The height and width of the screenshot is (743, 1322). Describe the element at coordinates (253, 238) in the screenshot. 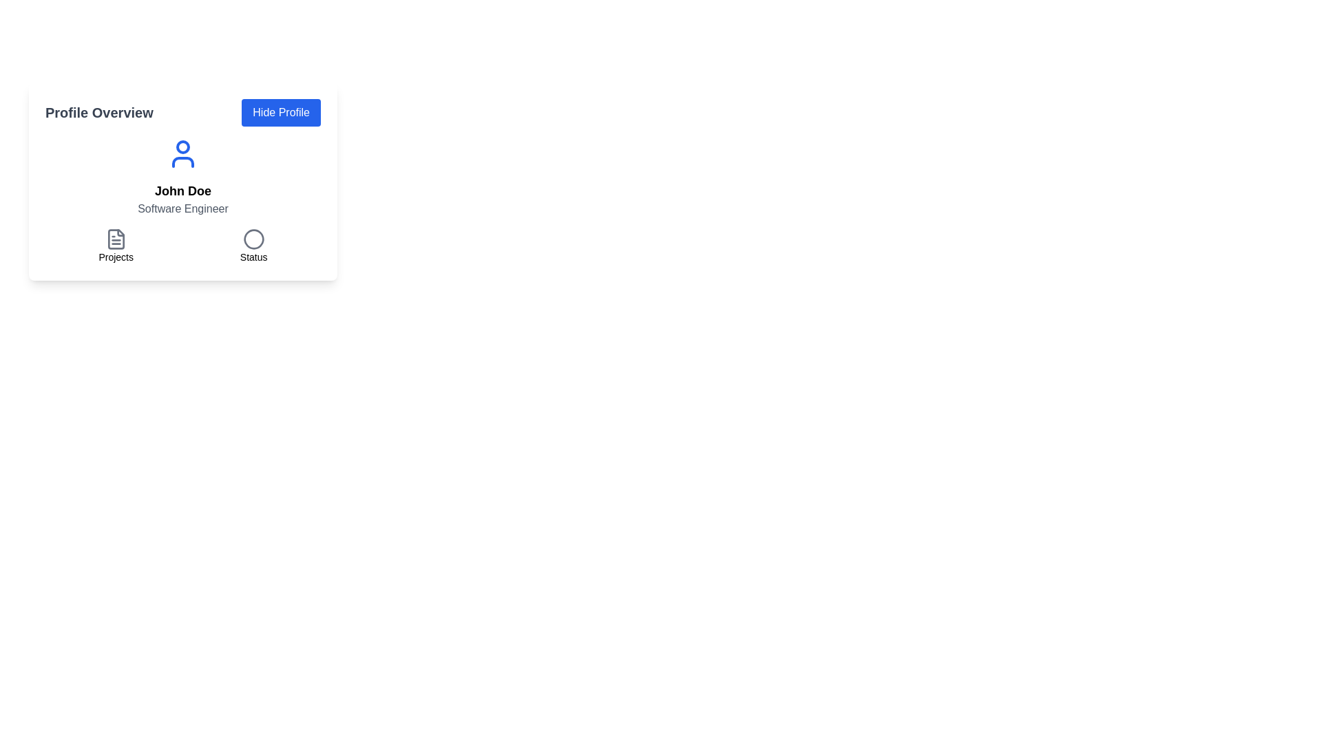

I see `the circular icon within the SVG graphic` at that location.